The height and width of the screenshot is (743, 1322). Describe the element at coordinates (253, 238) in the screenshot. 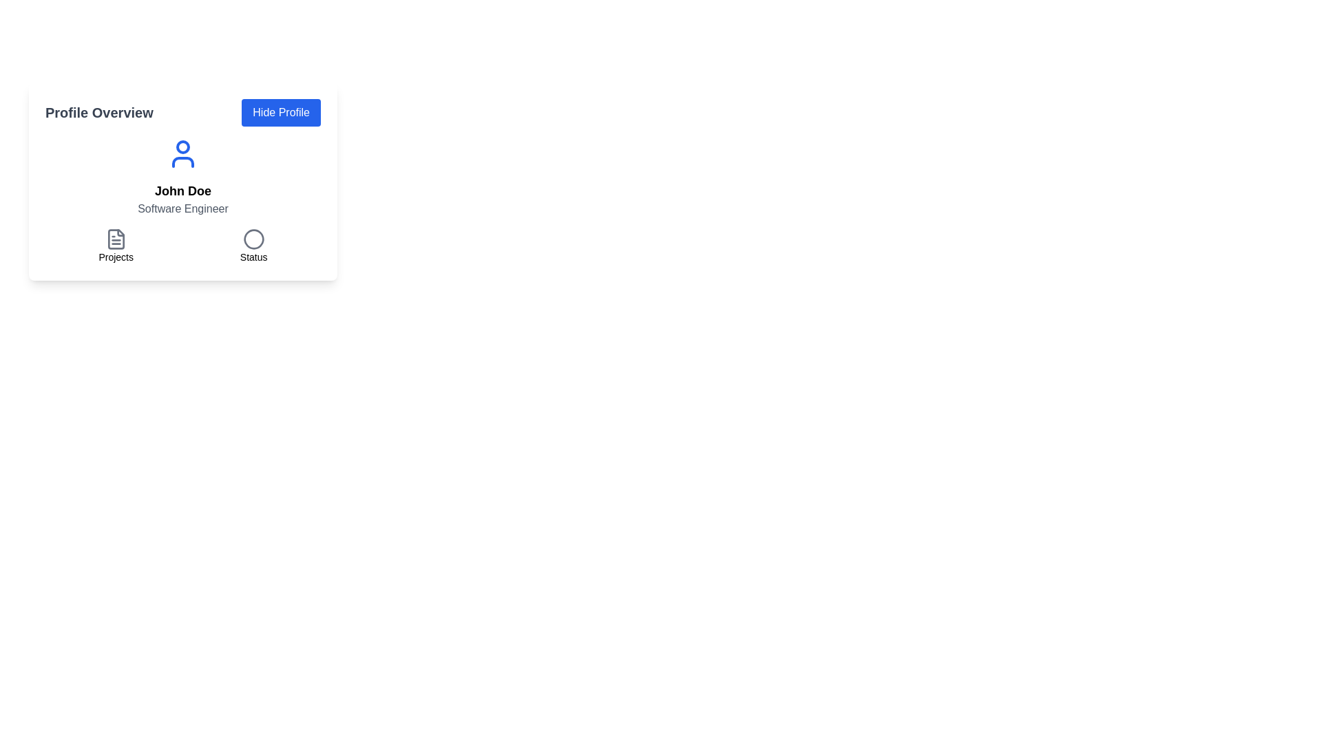

I see `the circular icon within the SVG graphic` at that location.